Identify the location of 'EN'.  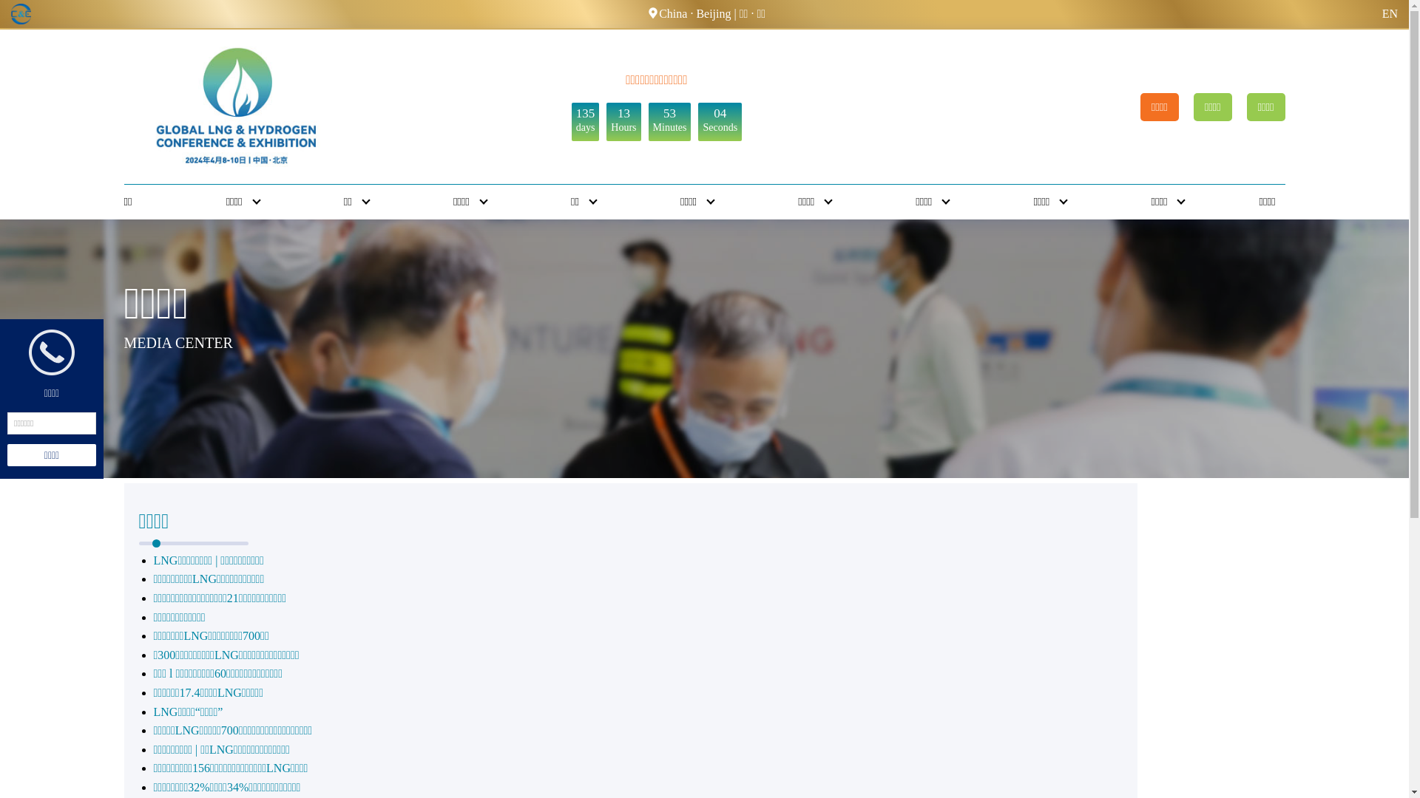
(1389, 14).